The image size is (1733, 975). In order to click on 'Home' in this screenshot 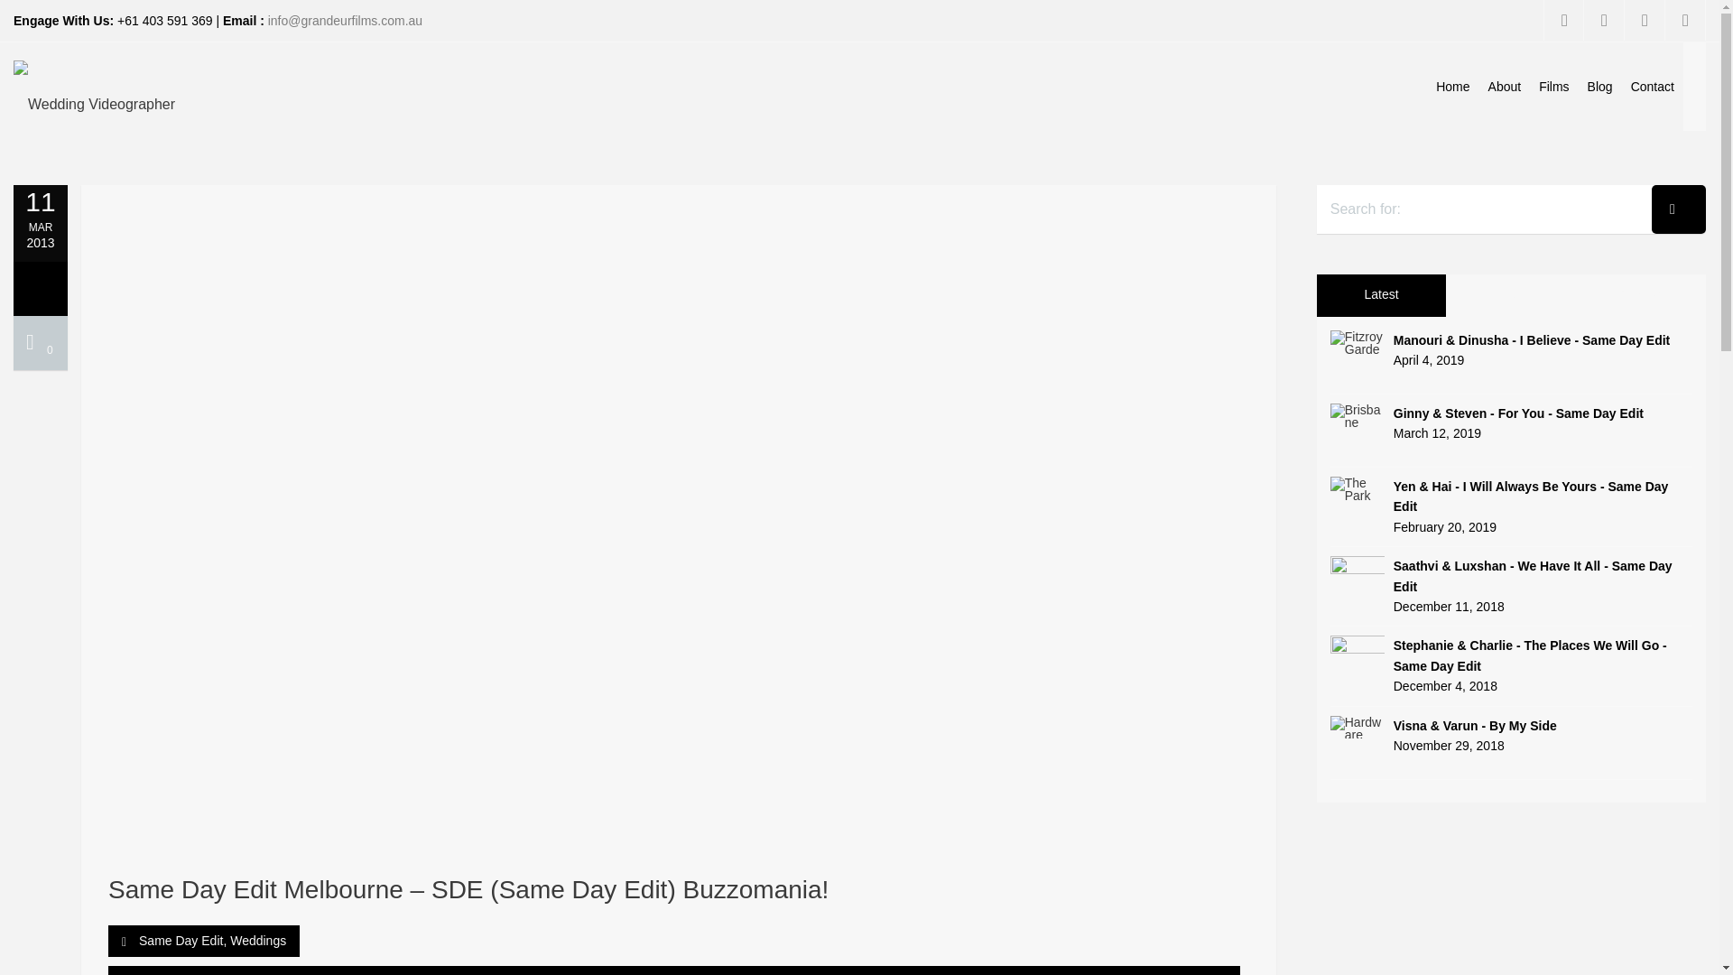, I will do `click(1452, 87)`.